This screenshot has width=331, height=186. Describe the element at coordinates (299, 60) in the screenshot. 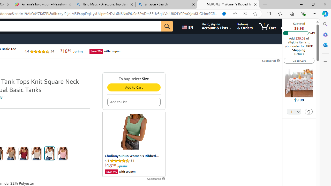

I see `'Go to Cart'` at that location.